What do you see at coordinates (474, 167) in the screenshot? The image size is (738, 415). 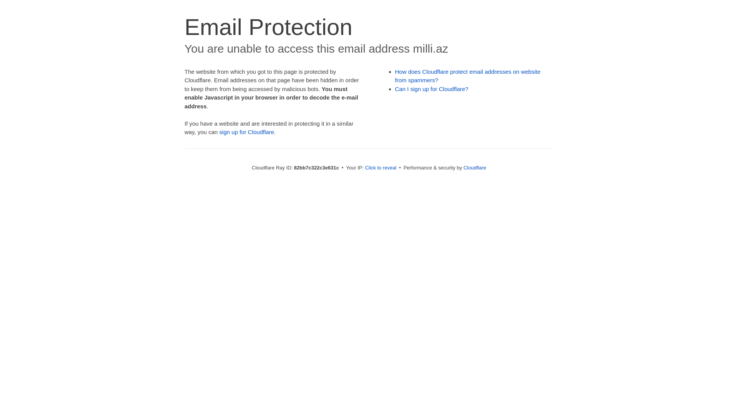 I see `'Cloudflare'` at bounding box center [474, 167].